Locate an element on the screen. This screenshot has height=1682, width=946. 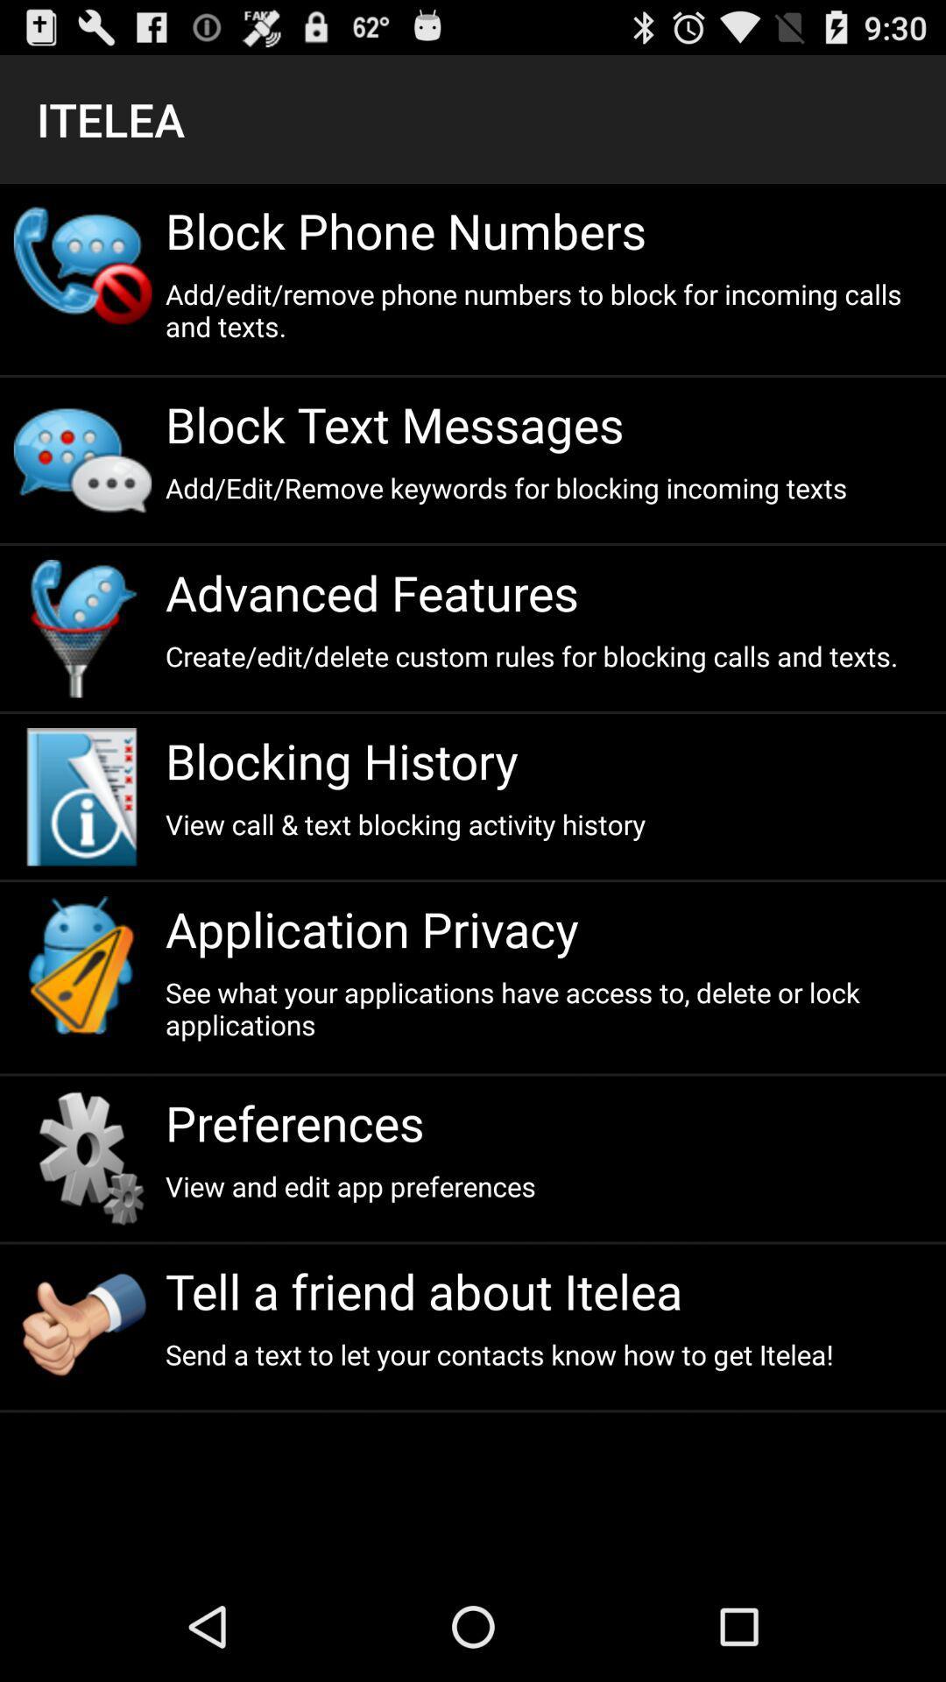
the item below the application privacy is located at coordinates (547, 1008).